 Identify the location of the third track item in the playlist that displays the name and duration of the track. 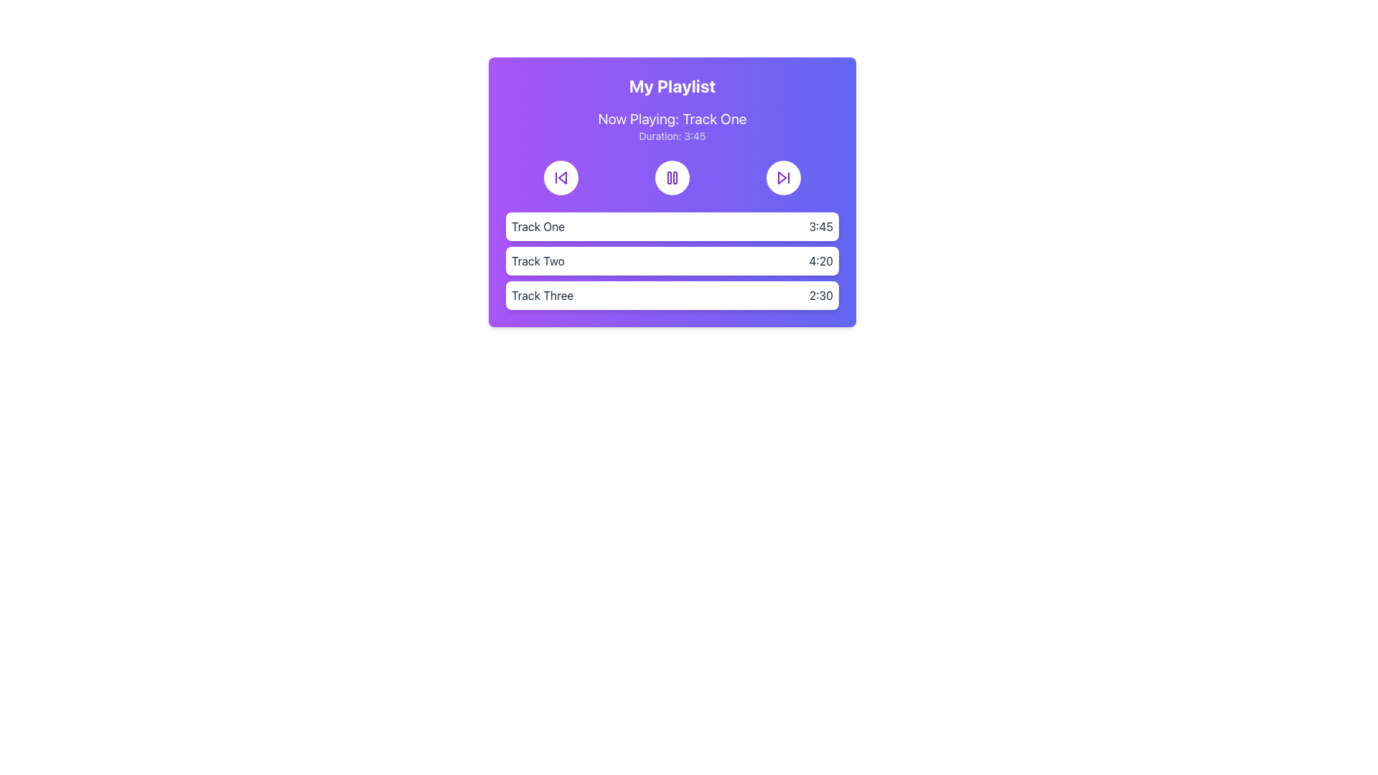
(671, 295).